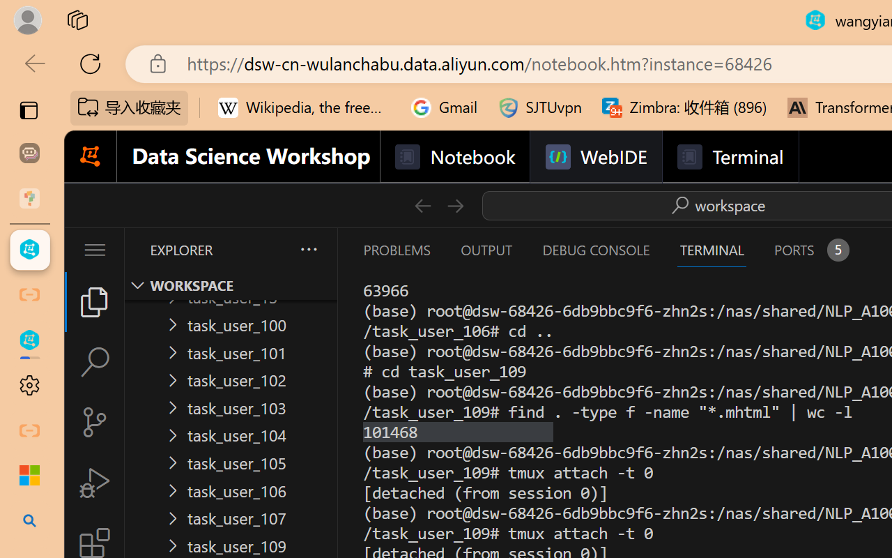 This screenshot has width=892, height=558. What do you see at coordinates (595, 250) in the screenshot?
I see `'Debug Console (Ctrl+Shift+Y)'` at bounding box center [595, 250].